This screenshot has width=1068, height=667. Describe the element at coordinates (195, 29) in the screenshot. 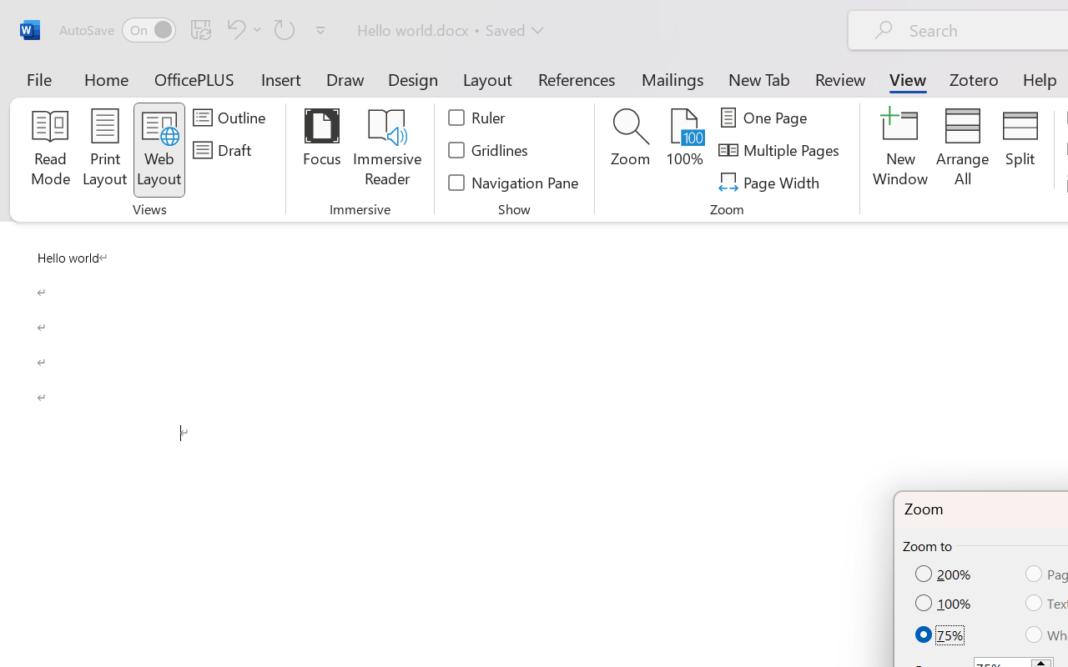

I see `'Quick Access Toolbar'` at that location.